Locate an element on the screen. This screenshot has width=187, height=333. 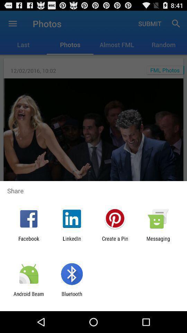
bluetooth item is located at coordinates (71, 297).